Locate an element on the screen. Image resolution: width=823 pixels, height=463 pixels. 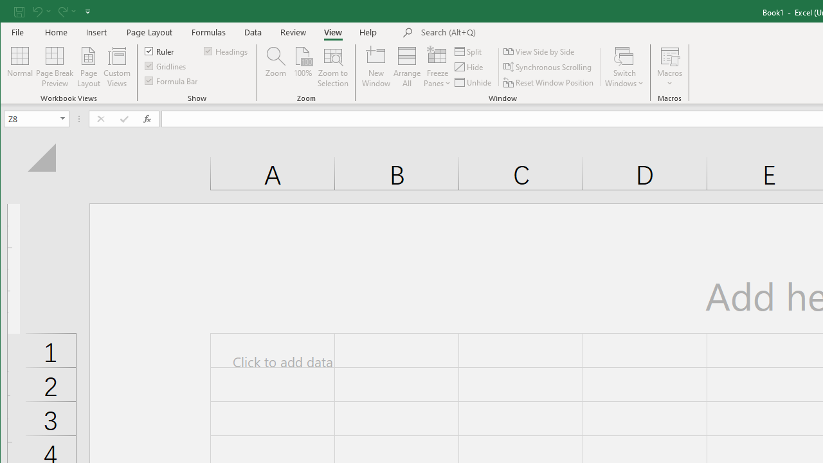
'New Window' is located at coordinates (375, 67).